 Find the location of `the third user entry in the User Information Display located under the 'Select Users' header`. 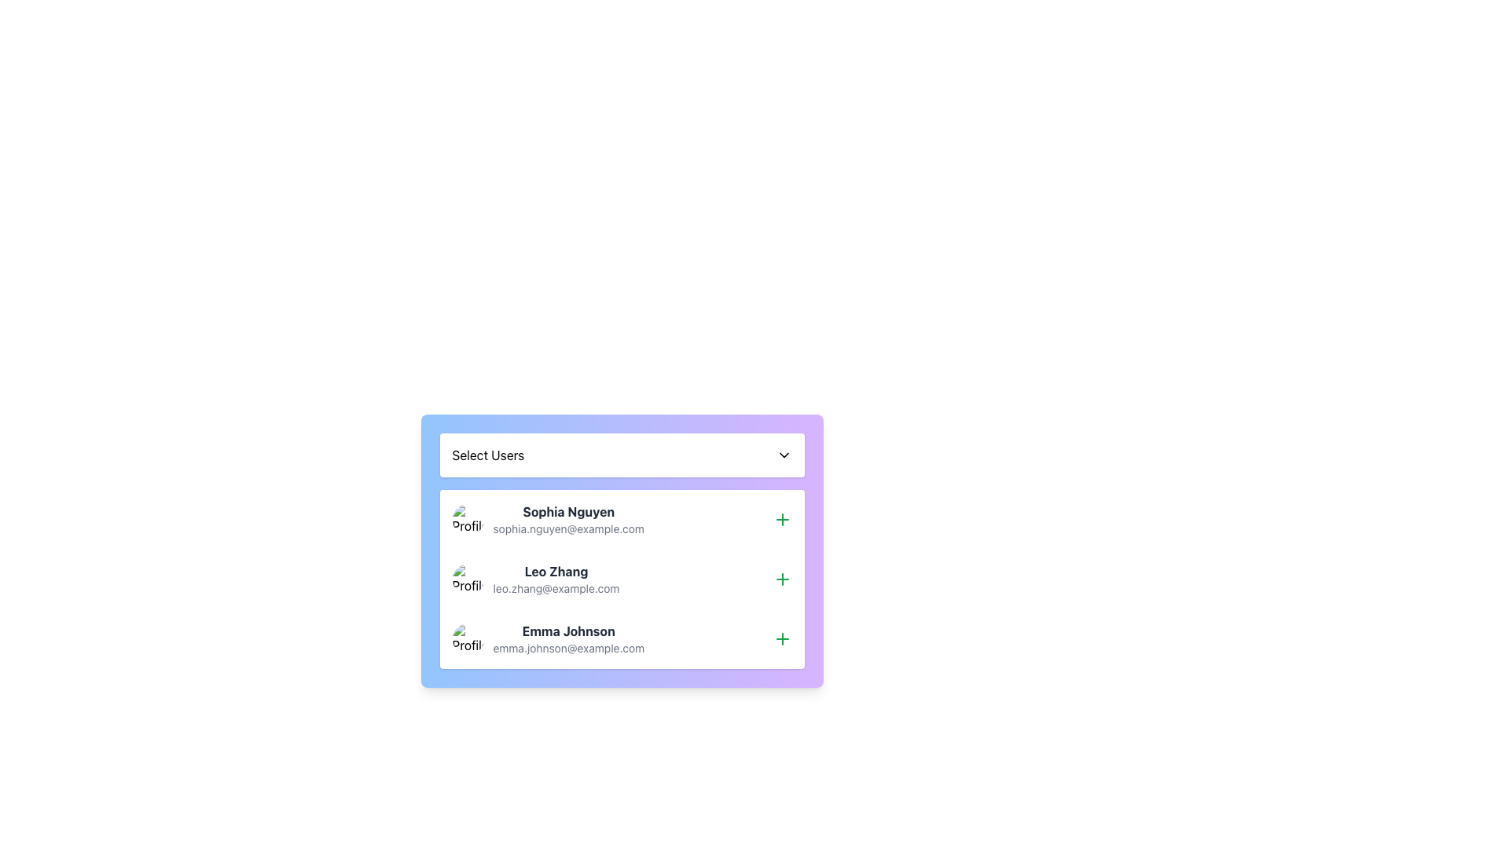

the third user entry in the User Information Display located under the 'Select Users' header is located at coordinates (548, 638).